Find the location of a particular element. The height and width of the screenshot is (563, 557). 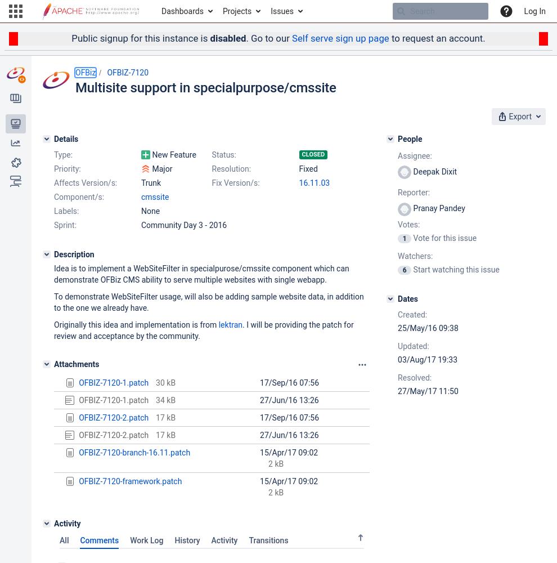

'Fix Version/s:' is located at coordinates (235, 182).